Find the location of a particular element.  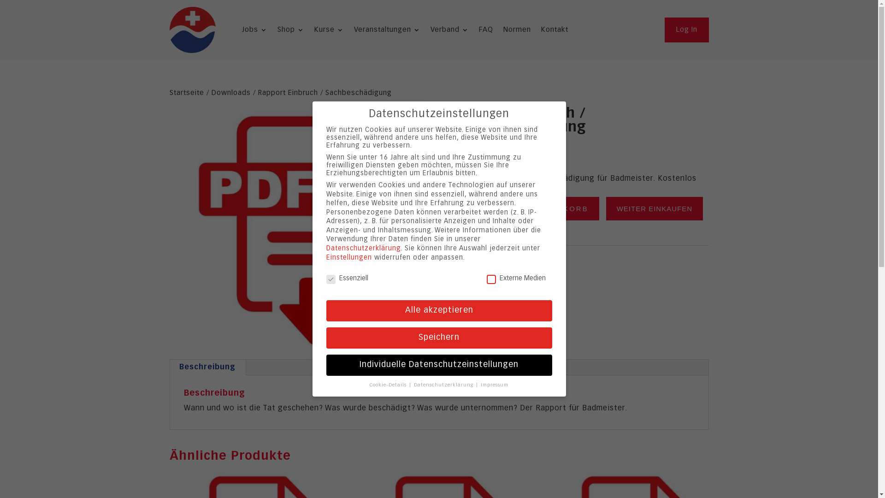

'Shop' is located at coordinates (290, 31).